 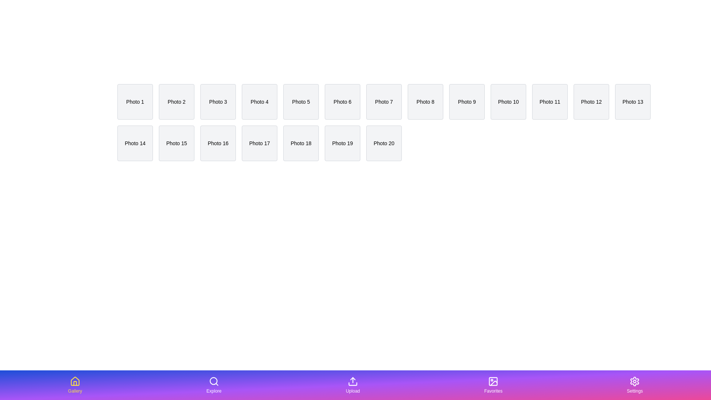 I want to click on the tab labeled Gallery in the bottom navigation bar, so click(x=74, y=385).